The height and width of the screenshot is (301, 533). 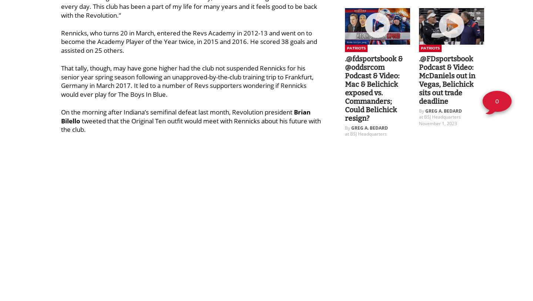 What do you see at coordinates (447, 79) in the screenshot?
I see `'.@FDsportsbook Podcast & Video: McDaniels out in Vegas, Belichick sits out trade deadline'` at bounding box center [447, 79].